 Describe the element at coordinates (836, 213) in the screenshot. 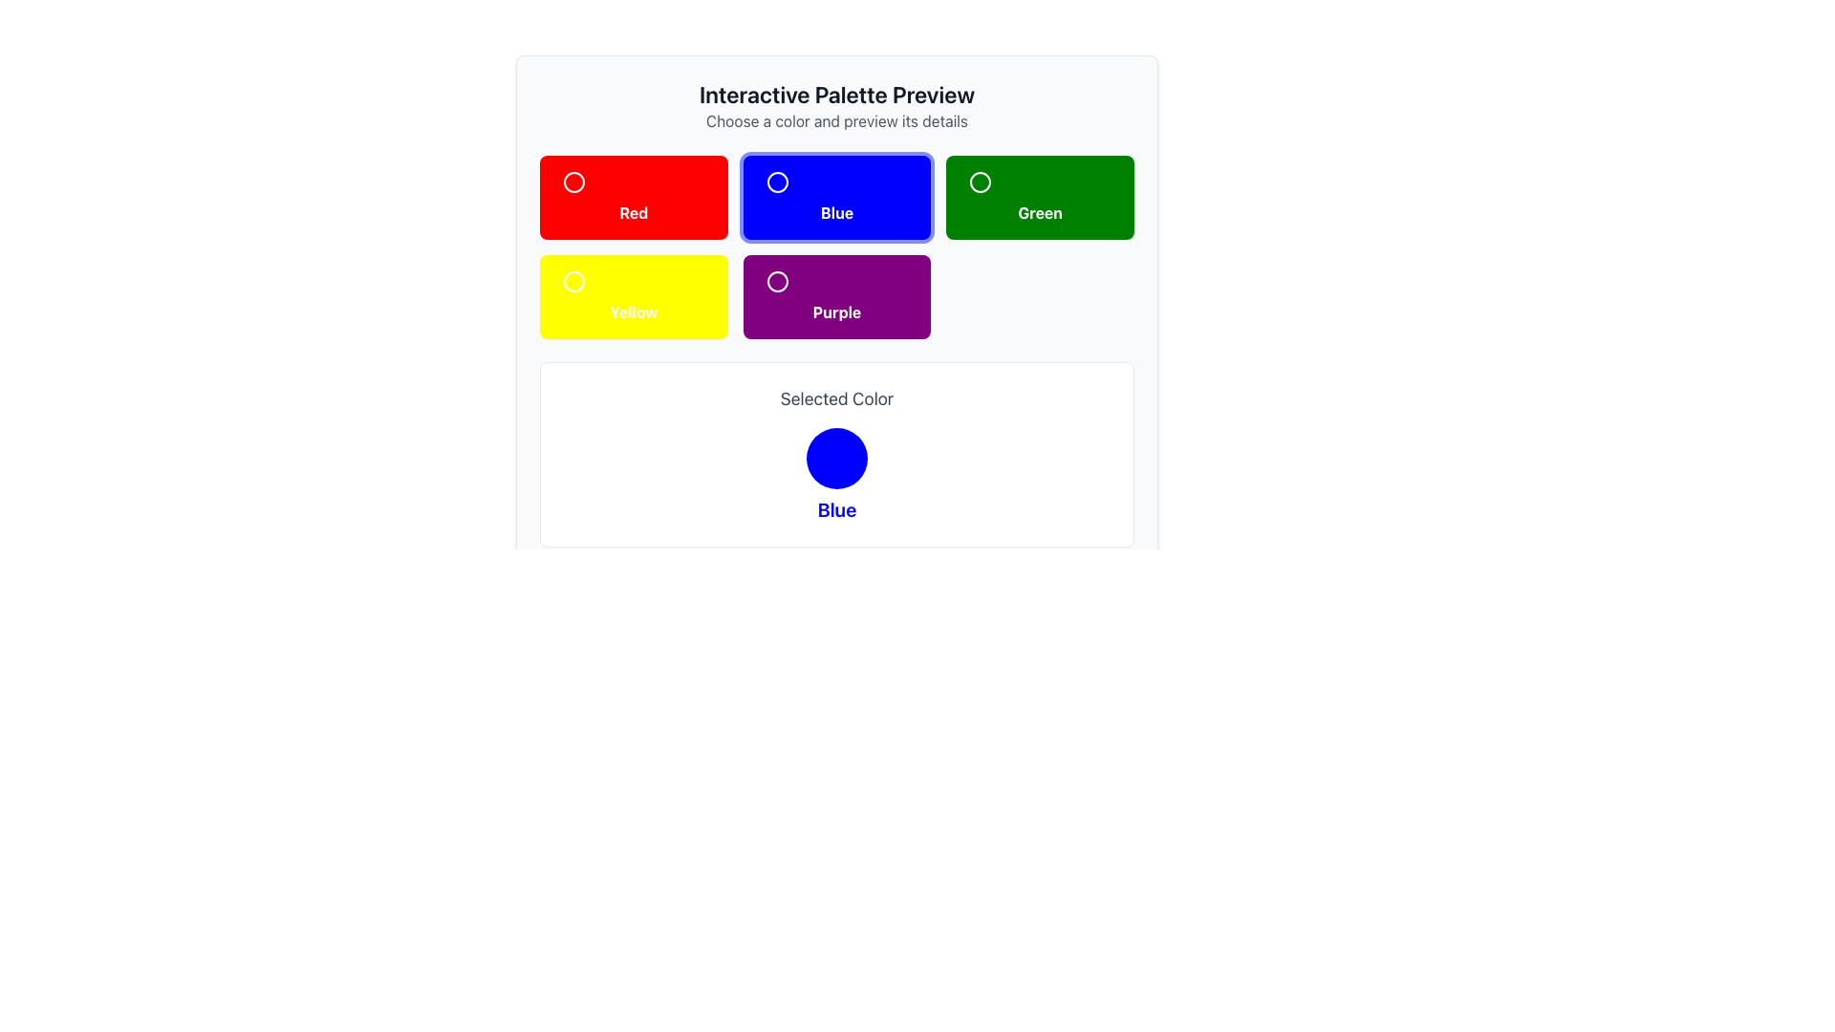

I see `text content indicating the option for the color 'Blue' located in the middle row of a 2x3 grid layout of color options` at that location.